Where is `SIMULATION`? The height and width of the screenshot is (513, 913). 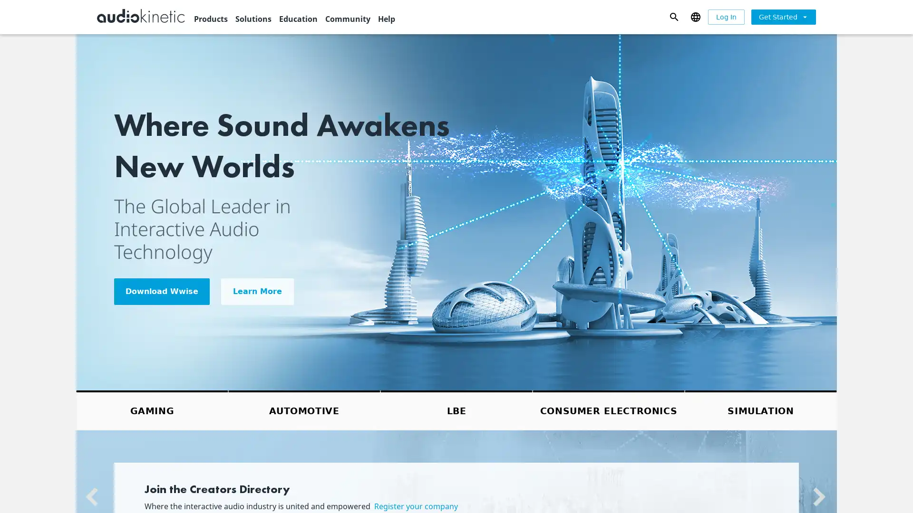
SIMULATION is located at coordinates (760, 409).